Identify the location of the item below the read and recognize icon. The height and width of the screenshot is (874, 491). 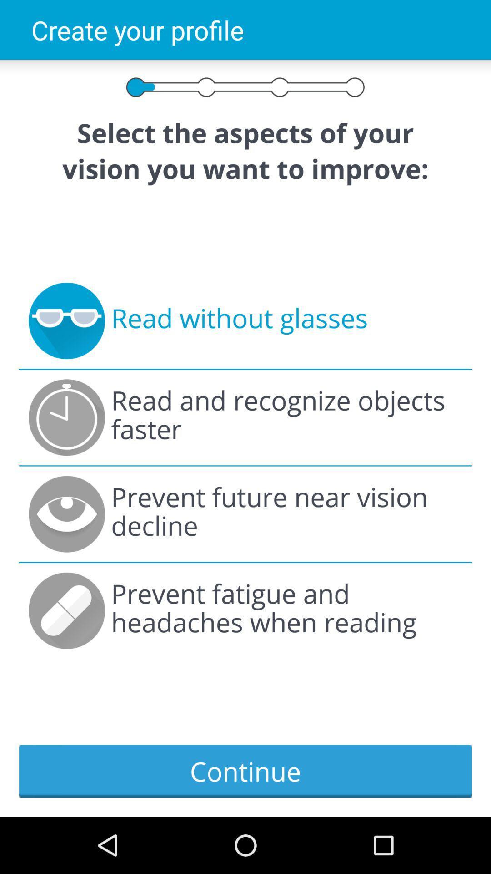
(286, 514).